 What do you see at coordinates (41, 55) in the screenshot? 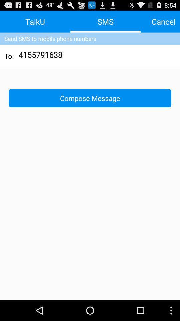
I see `the item next to to: app` at bounding box center [41, 55].